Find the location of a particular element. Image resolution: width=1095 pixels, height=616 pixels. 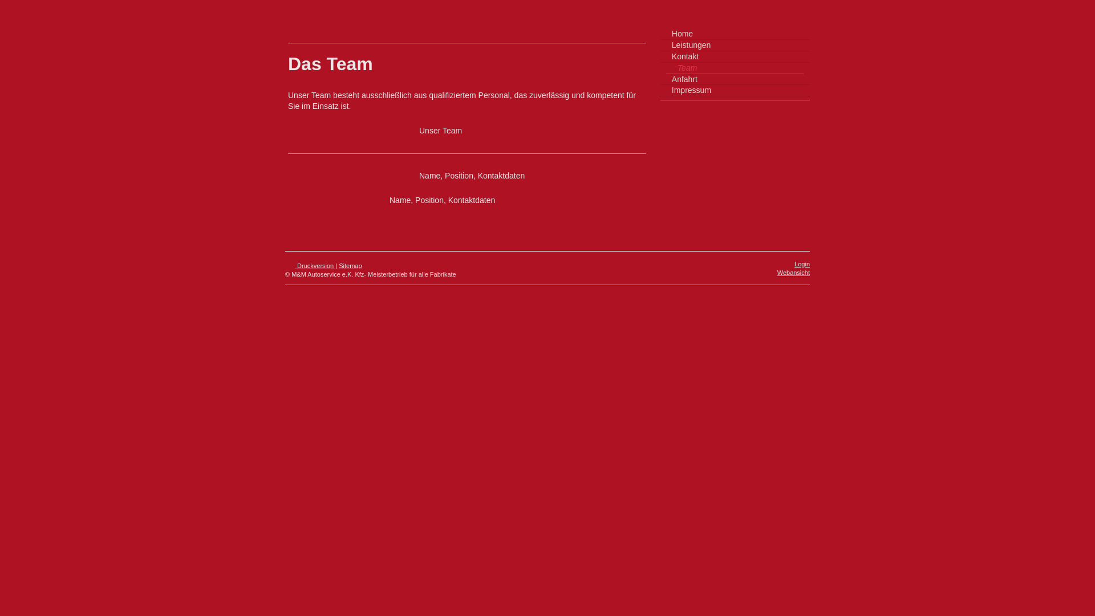

'Impressum' is located at coordinates (735, 90).